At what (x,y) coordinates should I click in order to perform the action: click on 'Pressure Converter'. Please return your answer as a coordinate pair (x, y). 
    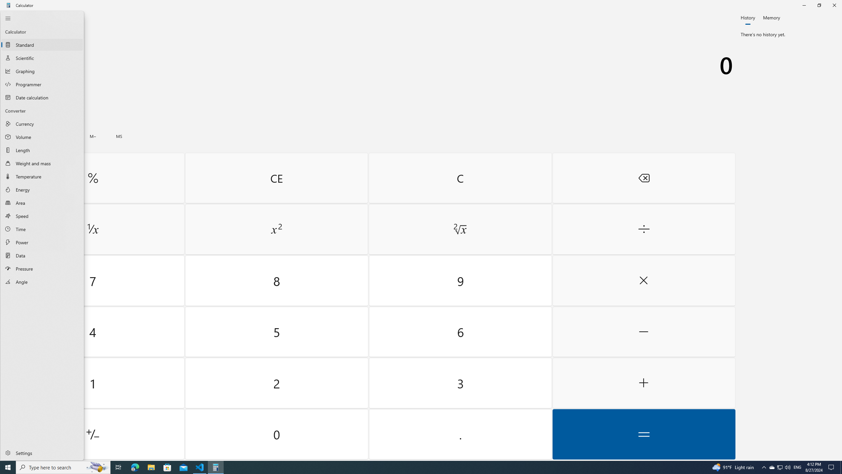
    Looking at the image, I should click on (42, 268).